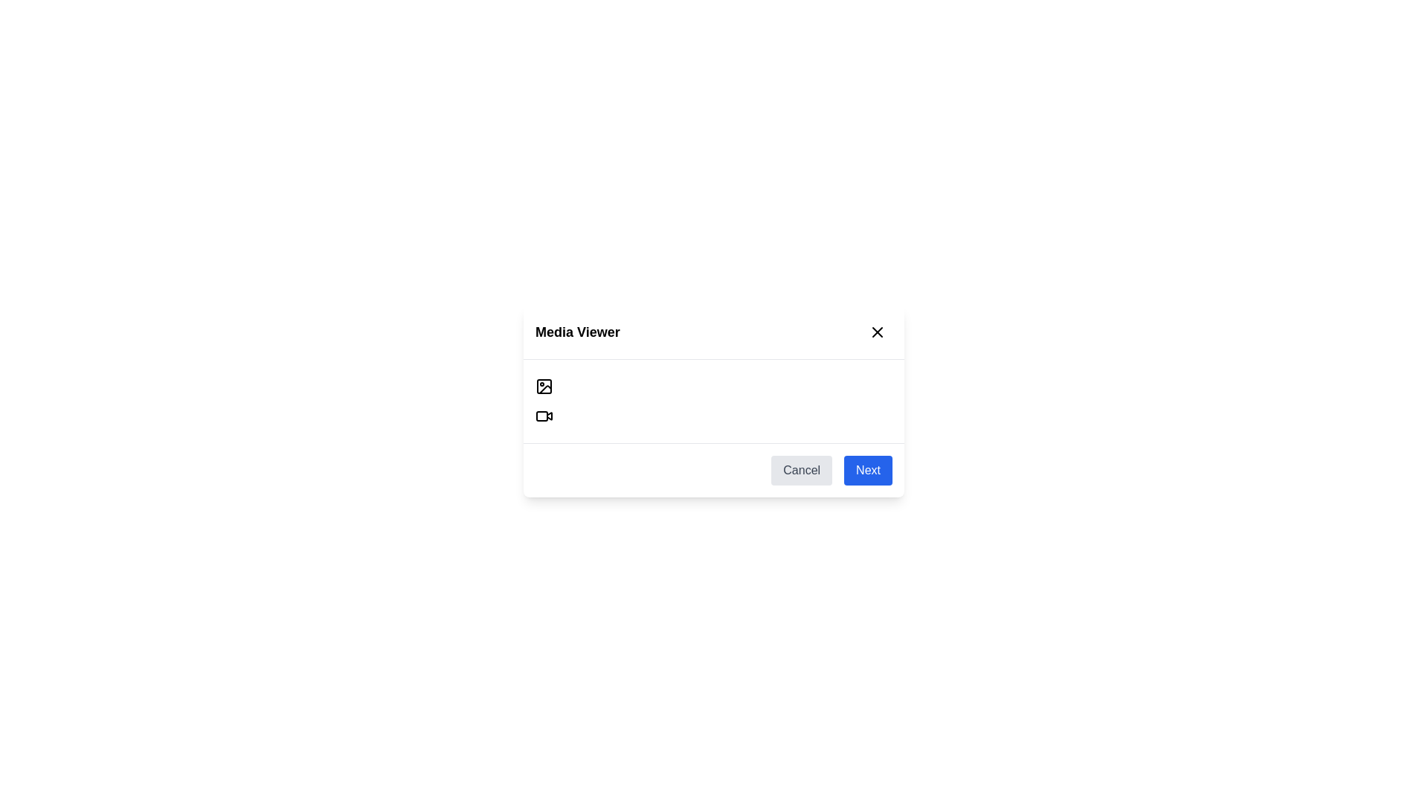 Image resolution: width=1428 pixels, height=803 pixels. What do you see at coordinates (878, 332) in the screenshot?
I see `the close button located at the top-right corner of the 'Media Viewer' modal` at bounding box center [878, 332].